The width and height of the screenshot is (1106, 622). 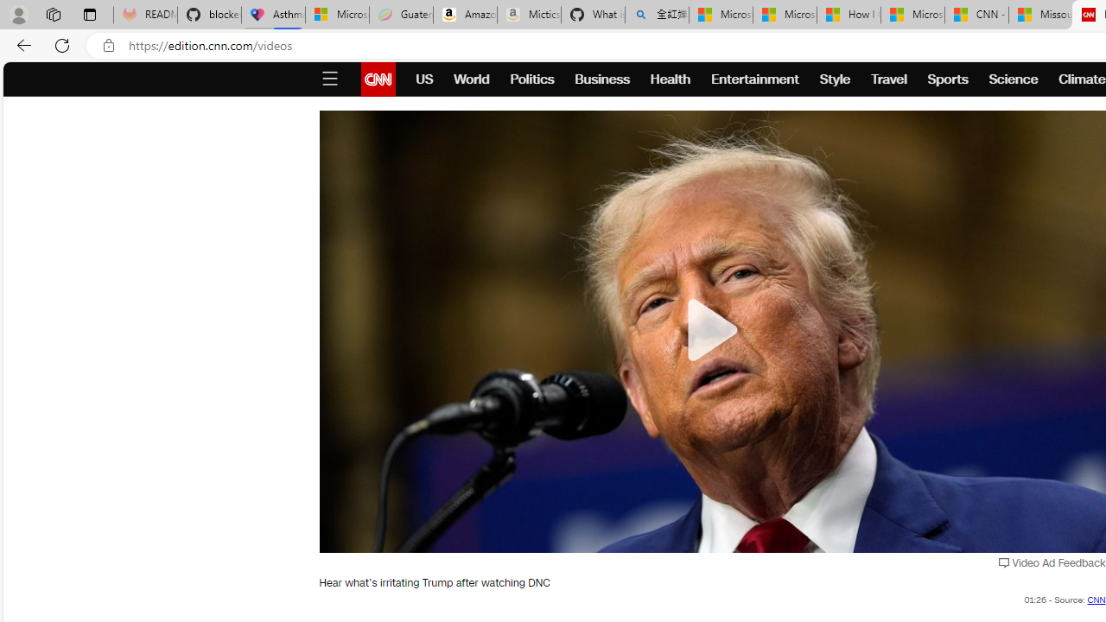 I want to click on 'Business', so click(x=602, y=79).